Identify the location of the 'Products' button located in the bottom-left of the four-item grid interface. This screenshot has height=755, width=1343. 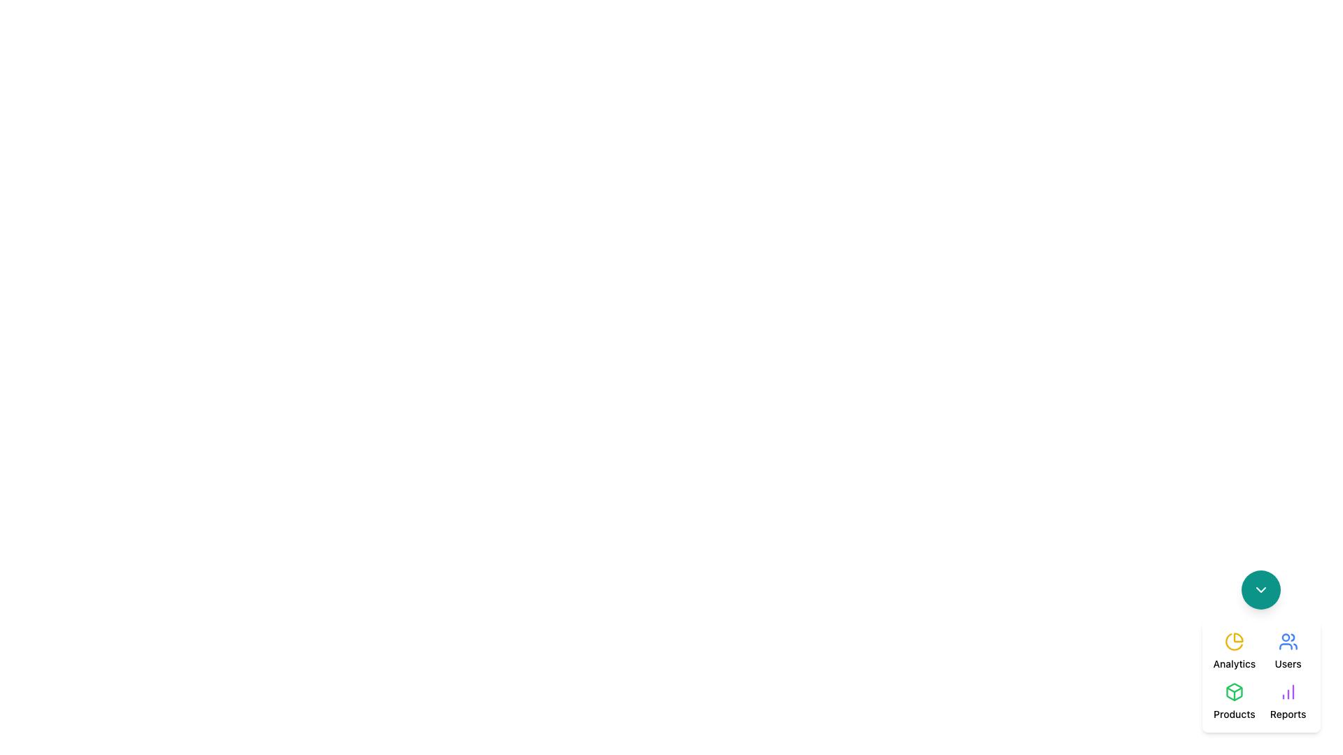
(1235, 701).